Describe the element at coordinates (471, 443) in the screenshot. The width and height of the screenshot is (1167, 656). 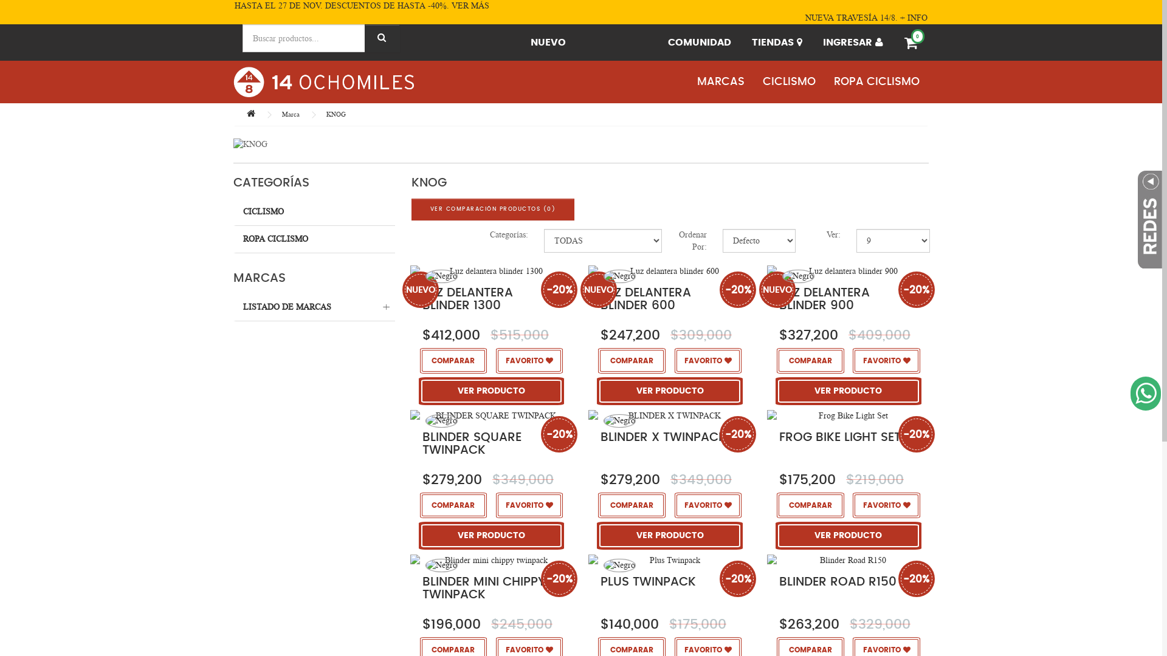
I see `'BLINDER SQUARE TWINPACK'` at that location.